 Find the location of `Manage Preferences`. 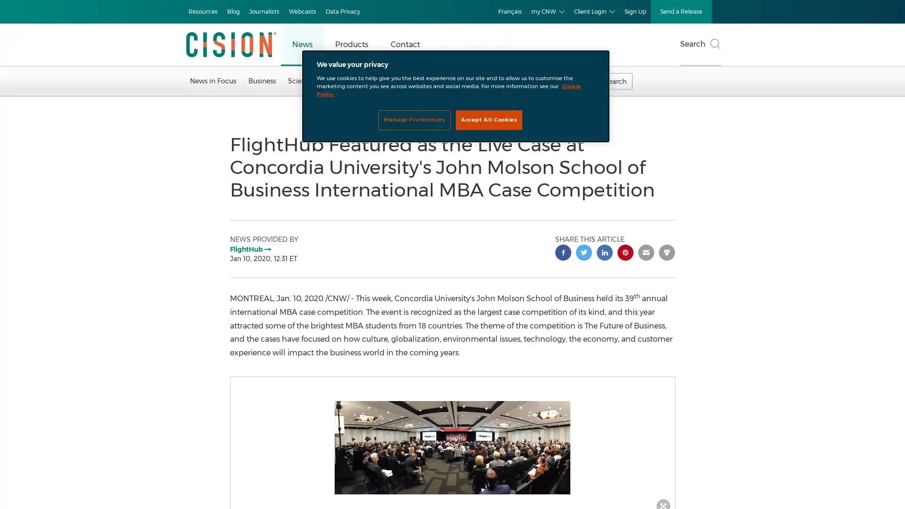

Manage Preferences is located at coordinates (414, 119).